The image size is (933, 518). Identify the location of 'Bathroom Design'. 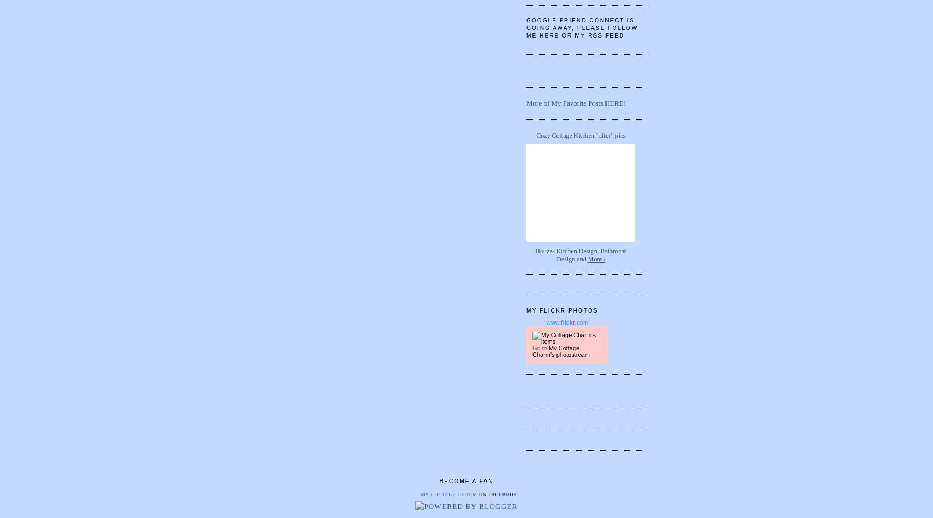
(591, 254).